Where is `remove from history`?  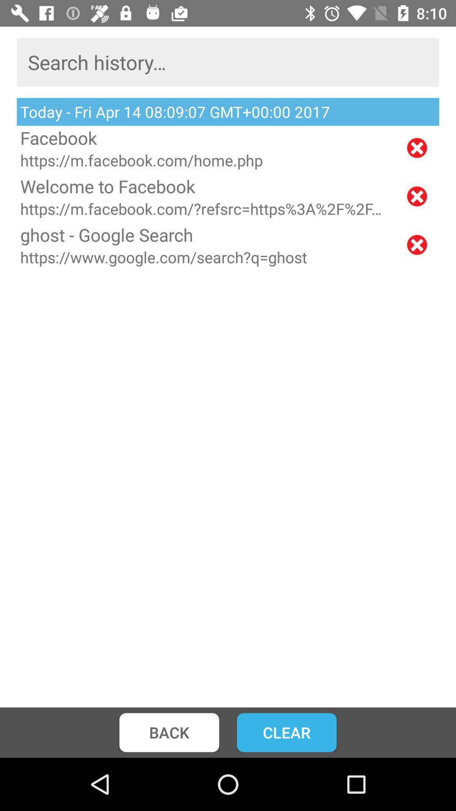
remove from history is located at coordinates (416, 148).